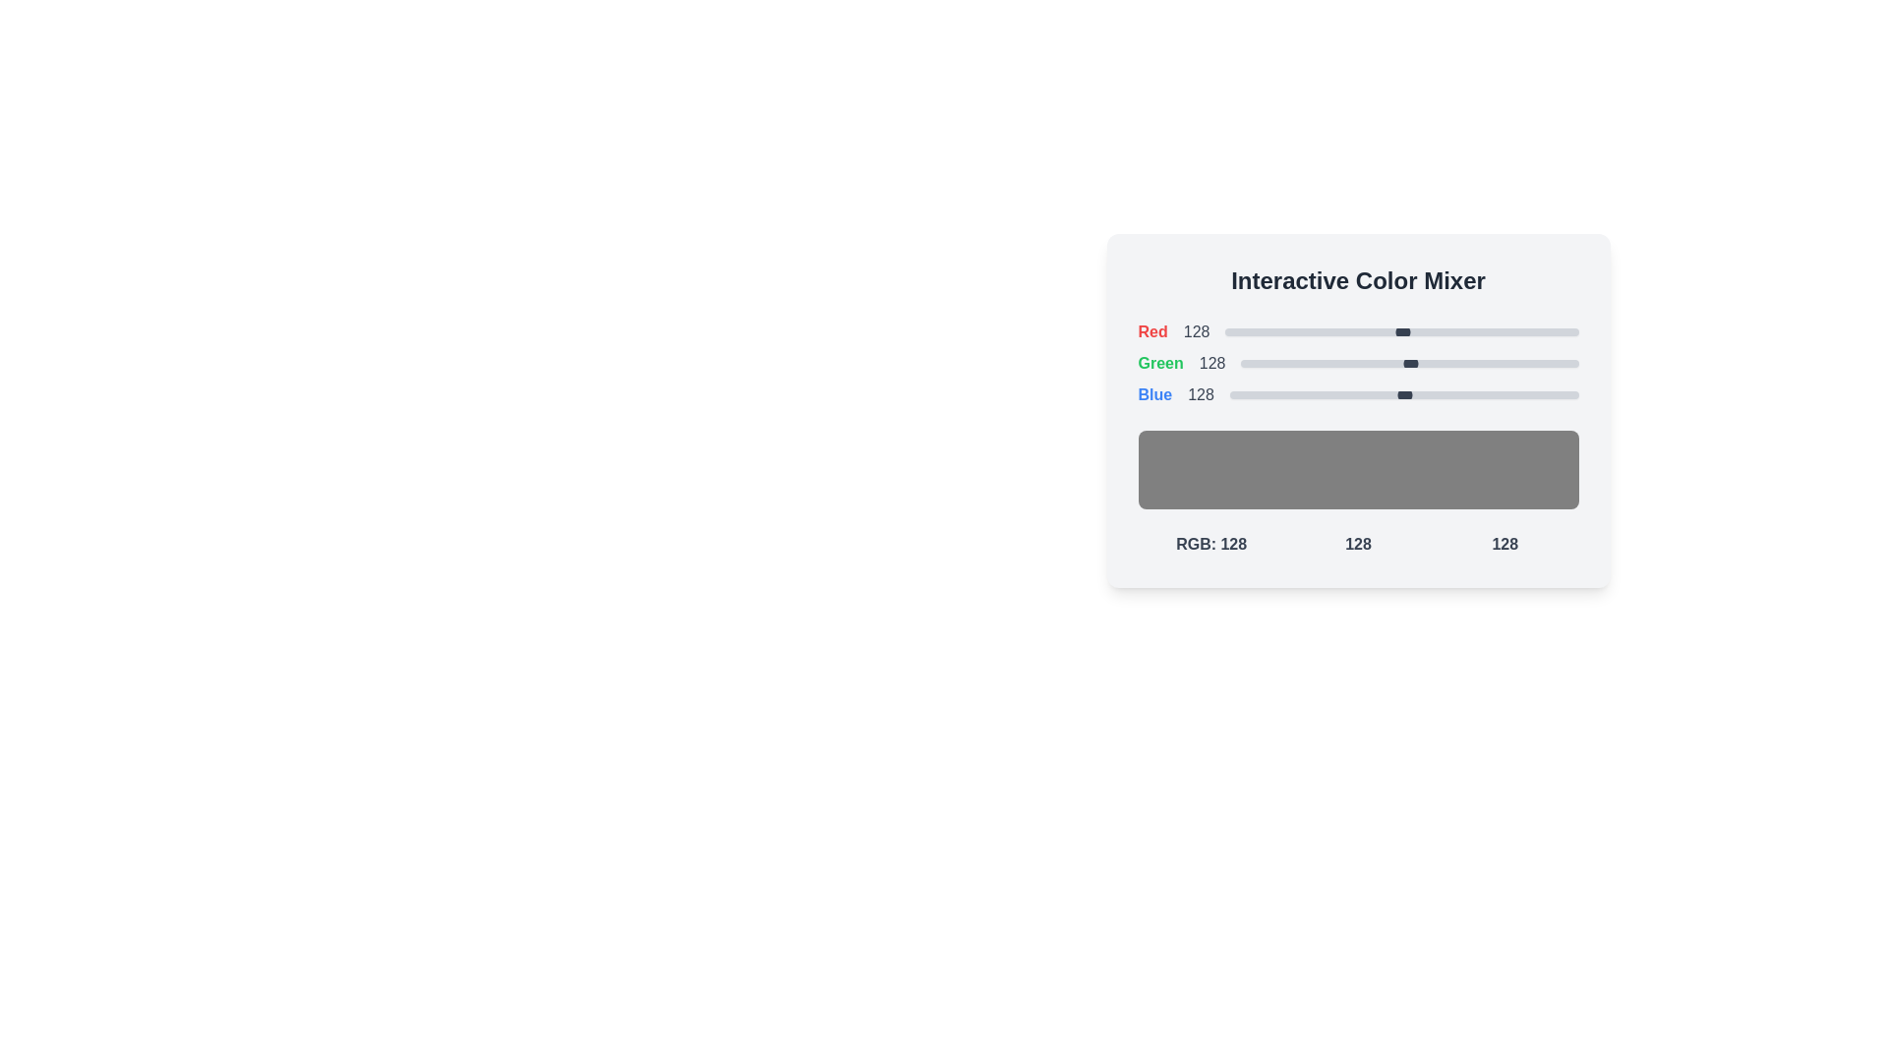 The image size is (1888, 1062). I want to click on the Blue component, so click(1234, 394).